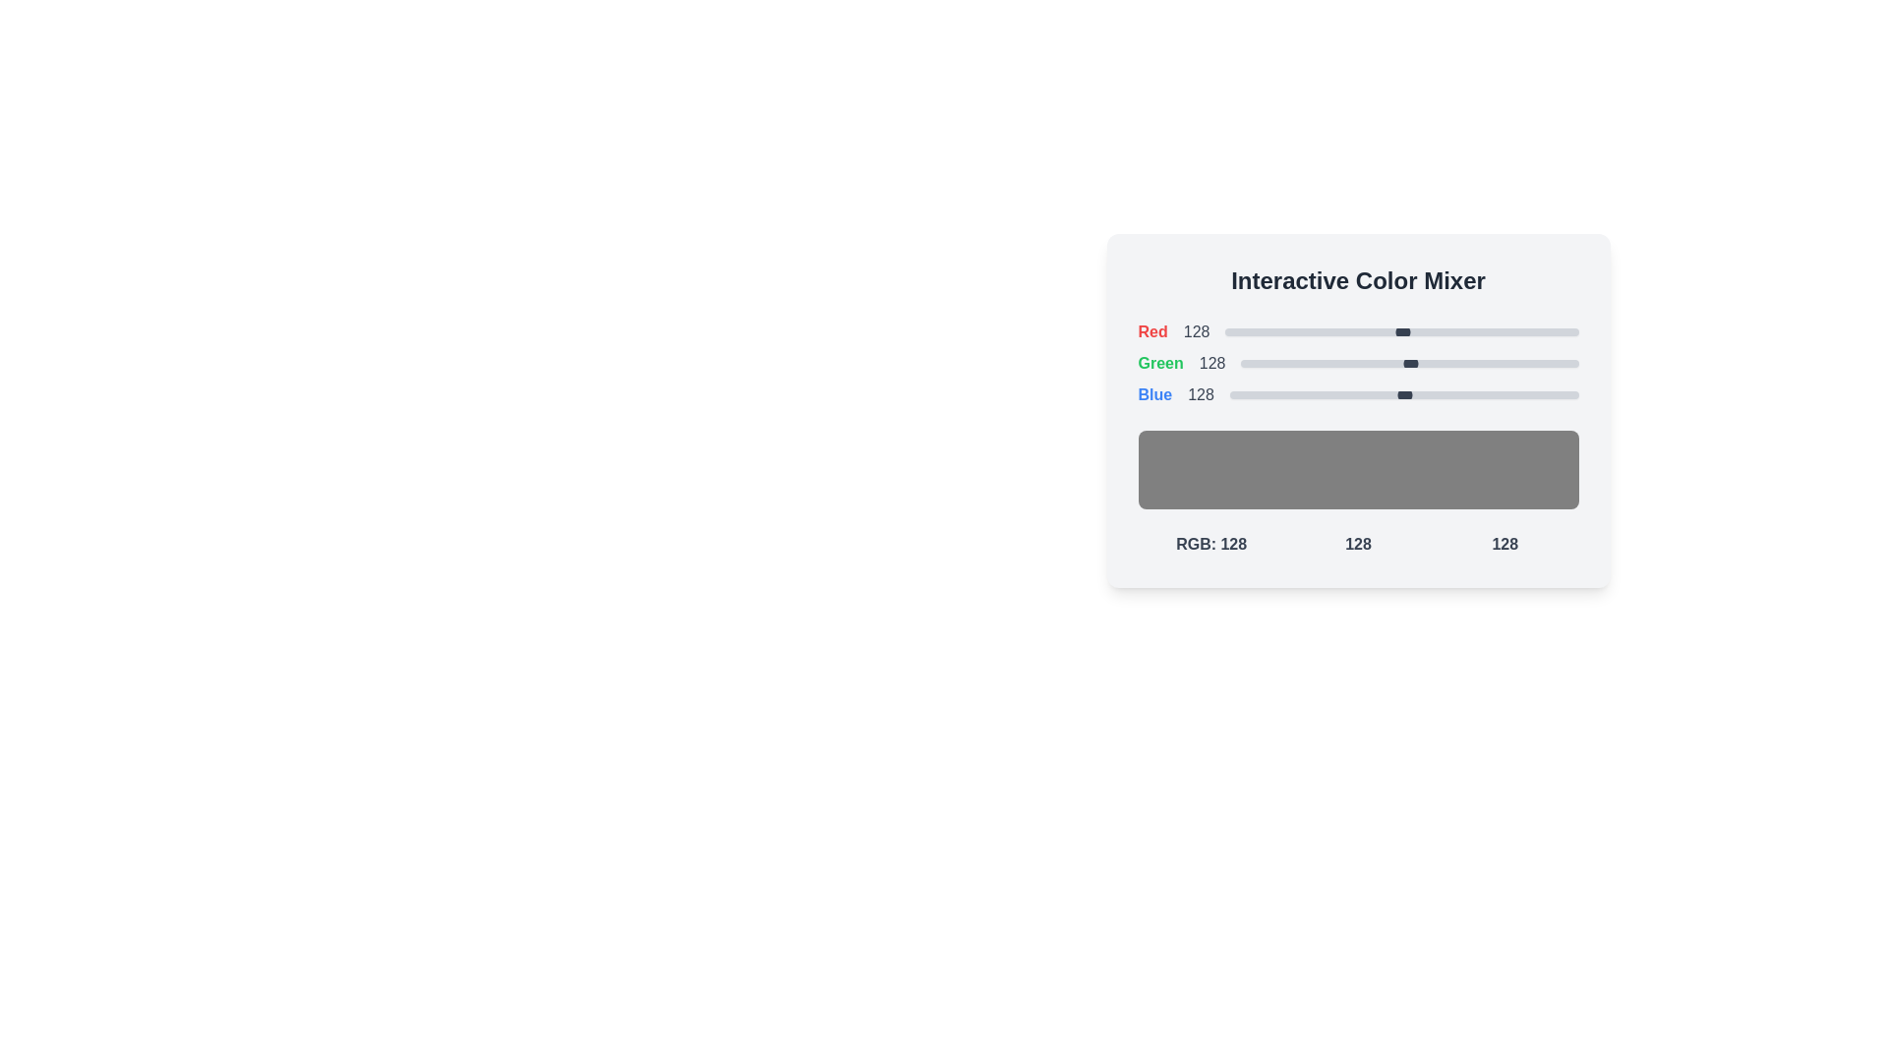 The image size is (1888, 1062). I want to click on the Blue component, so click(1234, 394).